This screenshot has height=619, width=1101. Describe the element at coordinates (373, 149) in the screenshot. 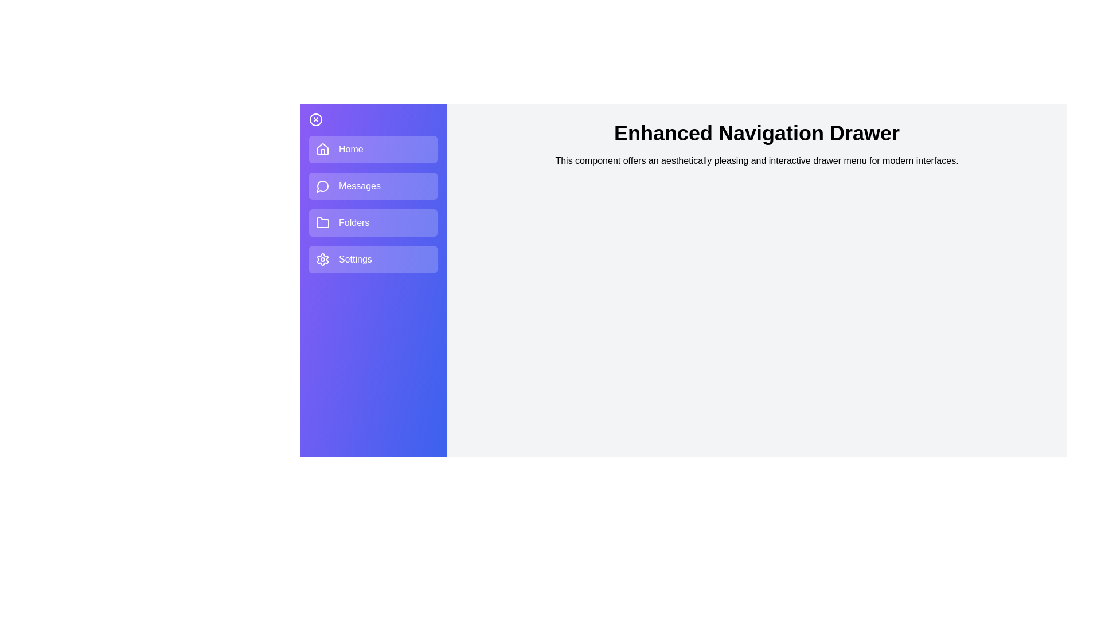

I see `the navigation item labeled Home` at that location.